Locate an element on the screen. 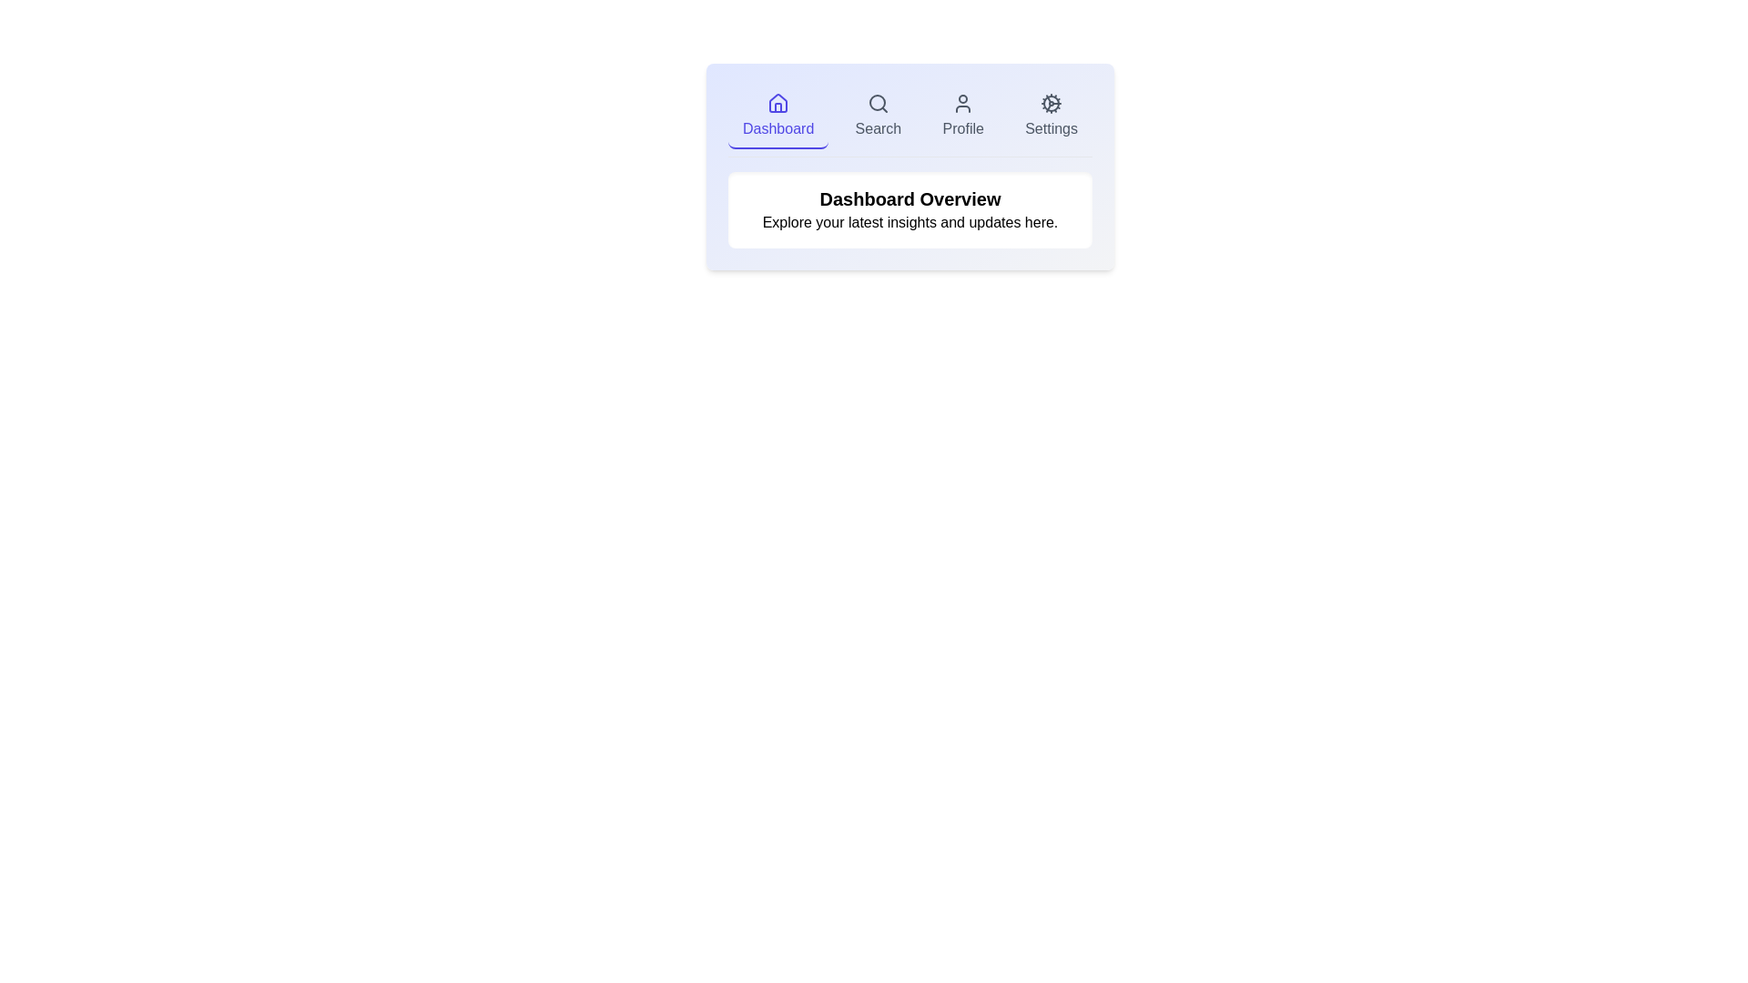 The height and width of the screenshot is (983, 1748). the leftmost icon in the top navigation bar that represents the 'Dashboard' section is located at coordinates (778, 103).